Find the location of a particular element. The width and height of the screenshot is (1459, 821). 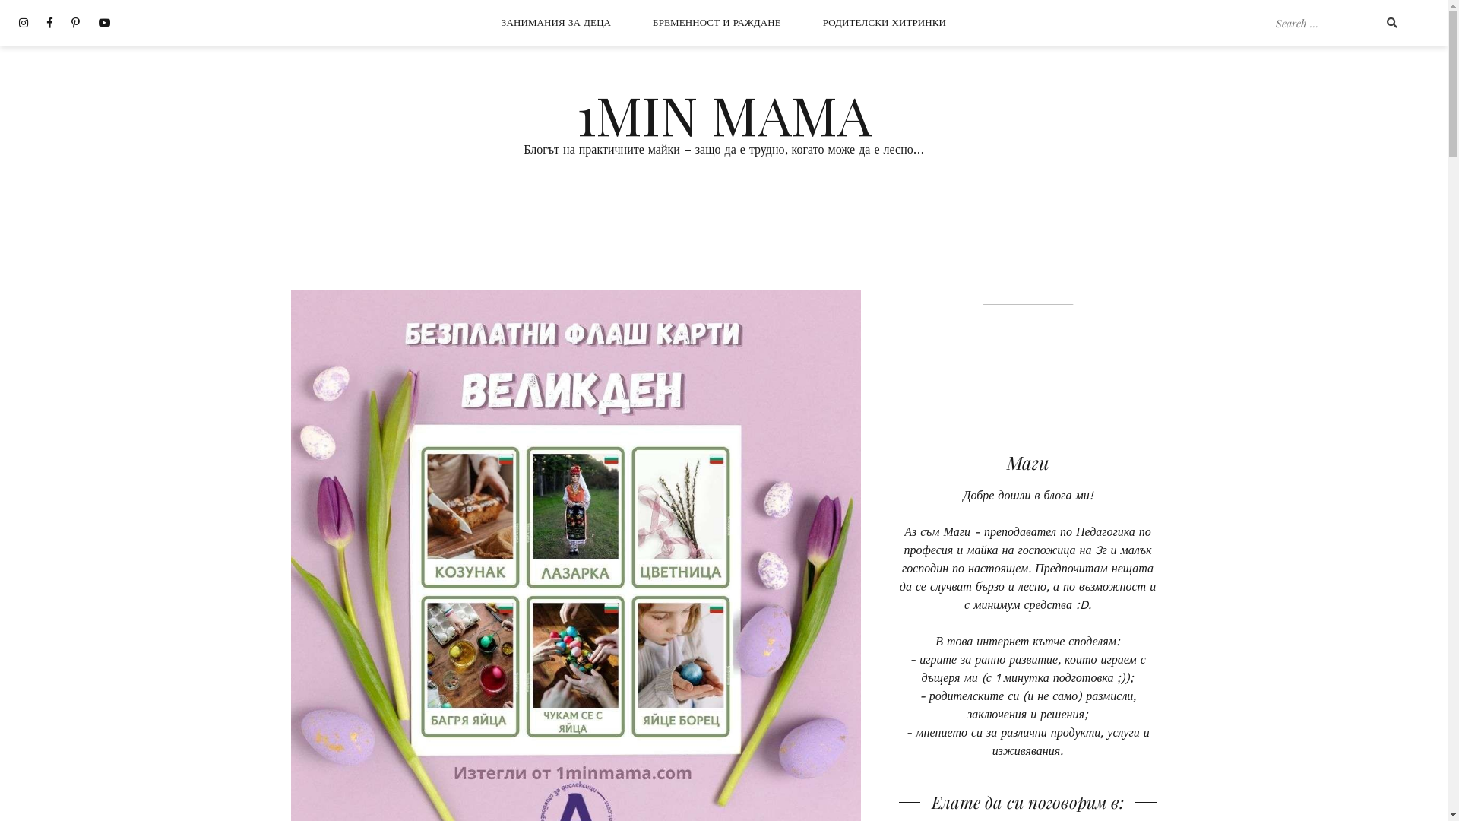

'Facebook' is located at coordinates (49, 23).